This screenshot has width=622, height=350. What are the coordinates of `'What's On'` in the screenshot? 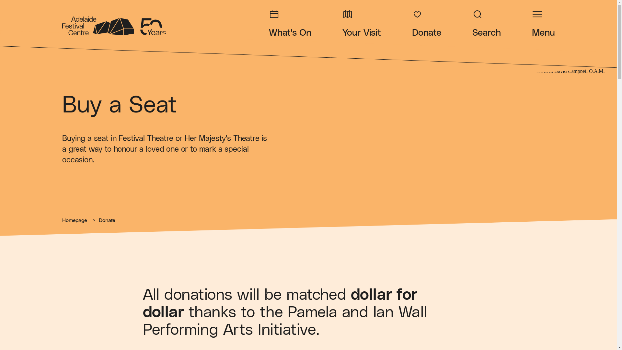 It's located at (290, 23).